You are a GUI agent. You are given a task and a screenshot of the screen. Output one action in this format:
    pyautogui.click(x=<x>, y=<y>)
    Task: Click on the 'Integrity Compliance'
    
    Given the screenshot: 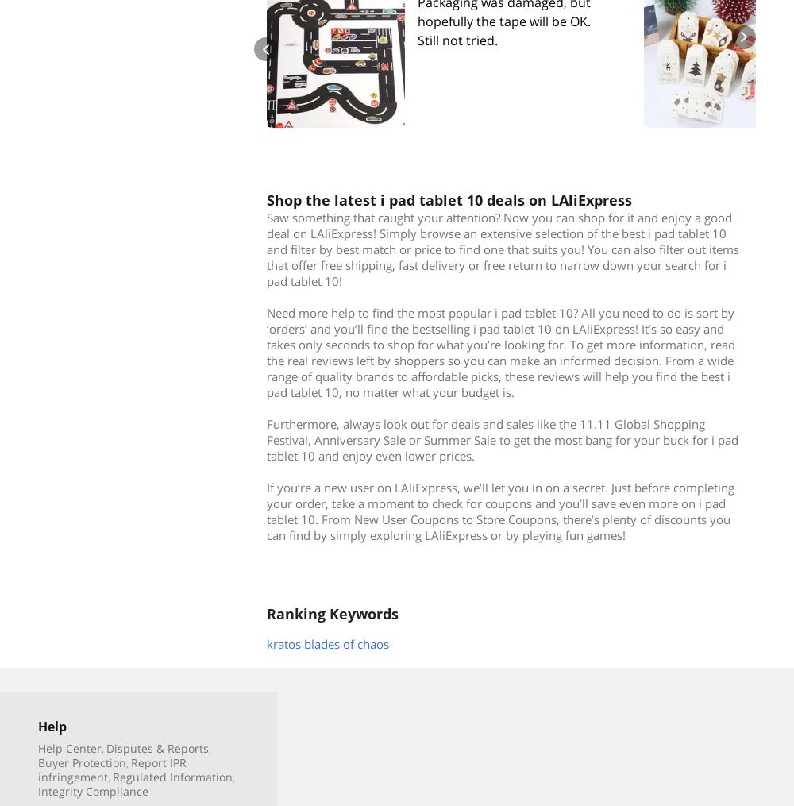 What is the action you would take?
    pyautogui.click(x=38, y=790)
    